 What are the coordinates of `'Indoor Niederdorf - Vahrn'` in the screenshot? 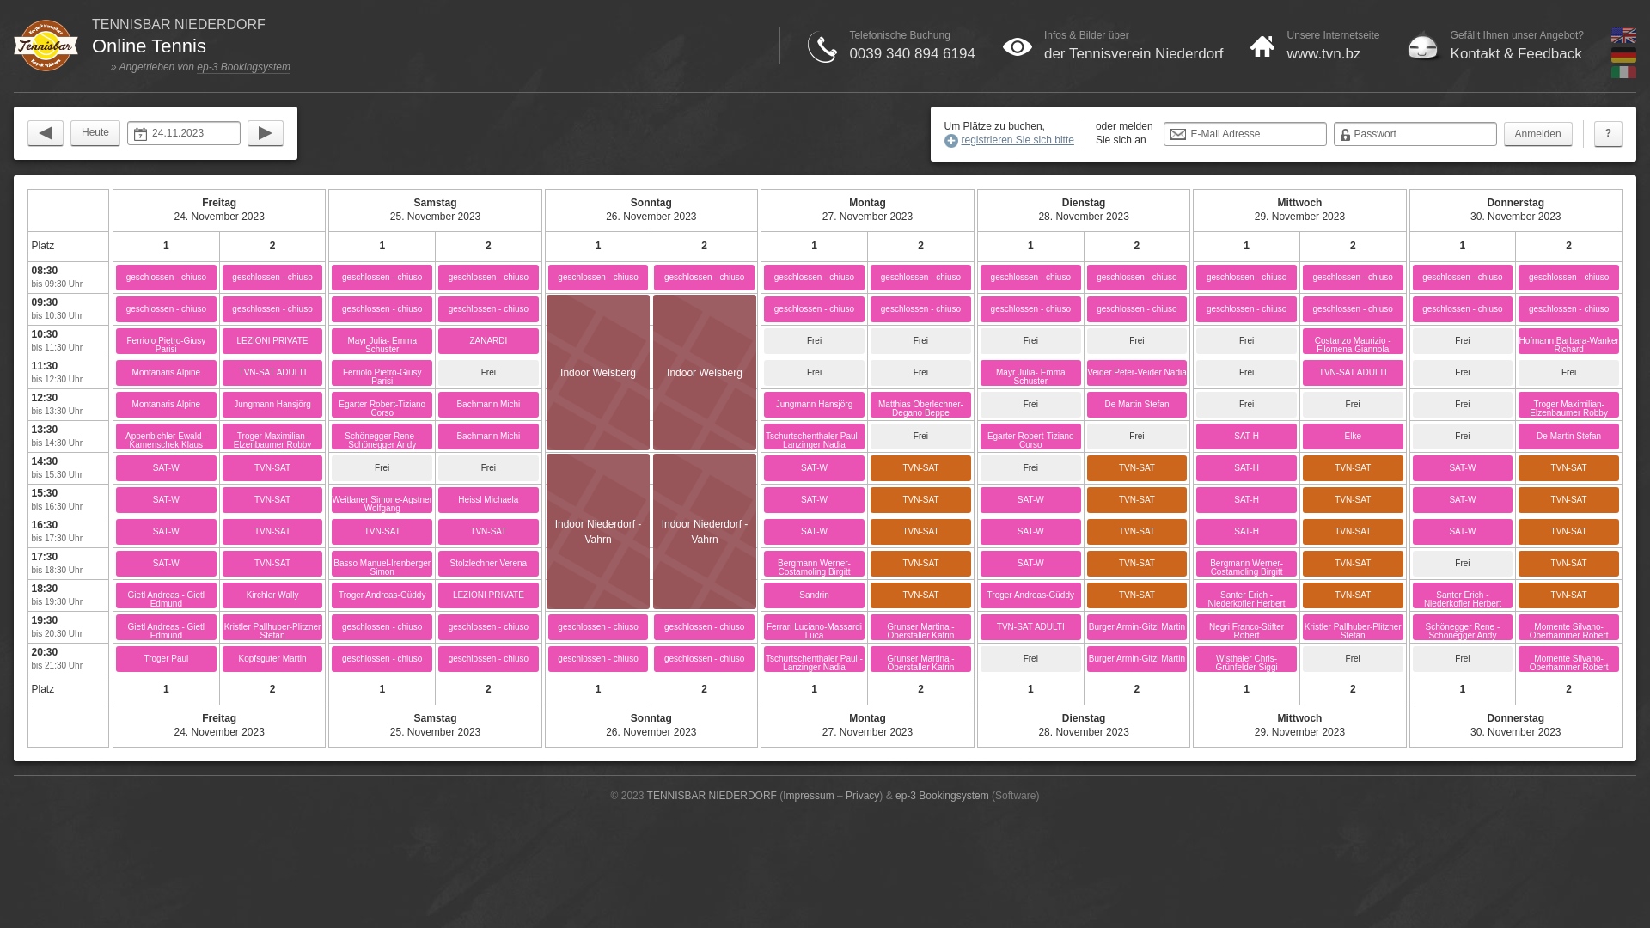 It's located at (598, 530).